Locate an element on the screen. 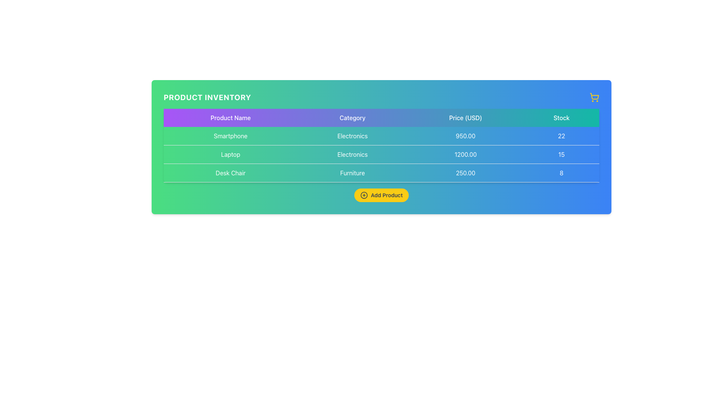 The height and width of the screenshot is (408, 726). SVG Circle element representing the outermost circular border of a '+' icon located at the top-right corner of the interface, near a shopping cart is located at coordinates (364, 195).